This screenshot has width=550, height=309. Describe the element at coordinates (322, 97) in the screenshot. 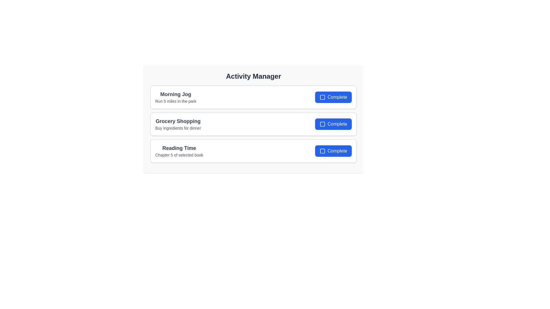

I see `the checkbox icon located on the left side of the 'Complete' button for the 'Morning Jog' task` at that location.